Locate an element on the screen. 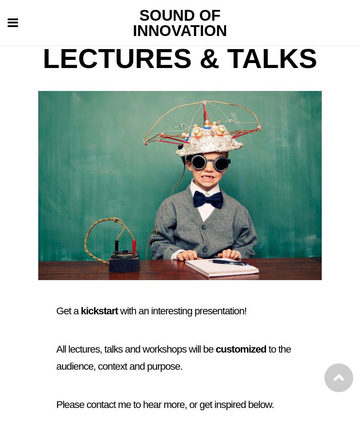 This screenshot has height=435, width=360. 'contact' is located at coordinates (101, 404).